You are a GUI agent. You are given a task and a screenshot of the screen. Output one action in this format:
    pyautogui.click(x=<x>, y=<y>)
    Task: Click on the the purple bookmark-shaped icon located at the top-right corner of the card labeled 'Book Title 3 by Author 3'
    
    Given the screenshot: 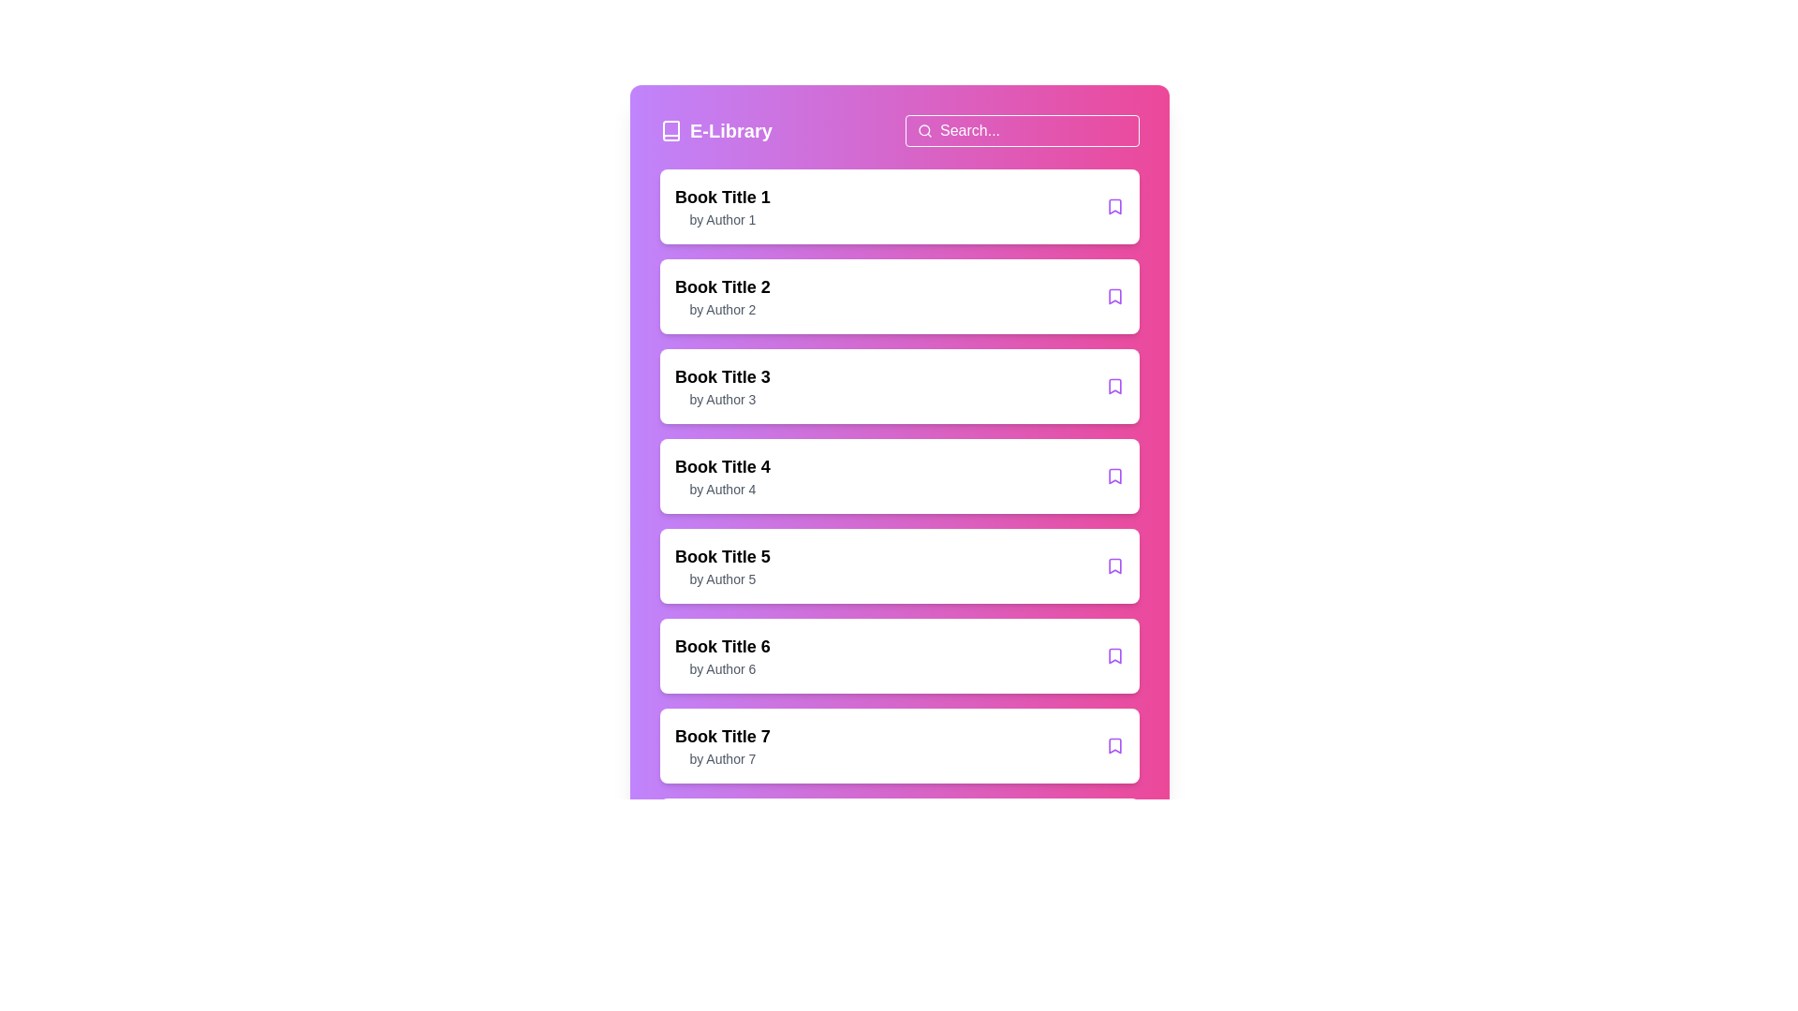 What is the action you would take?
    pyautogui.click(x=1114, y=385)
    